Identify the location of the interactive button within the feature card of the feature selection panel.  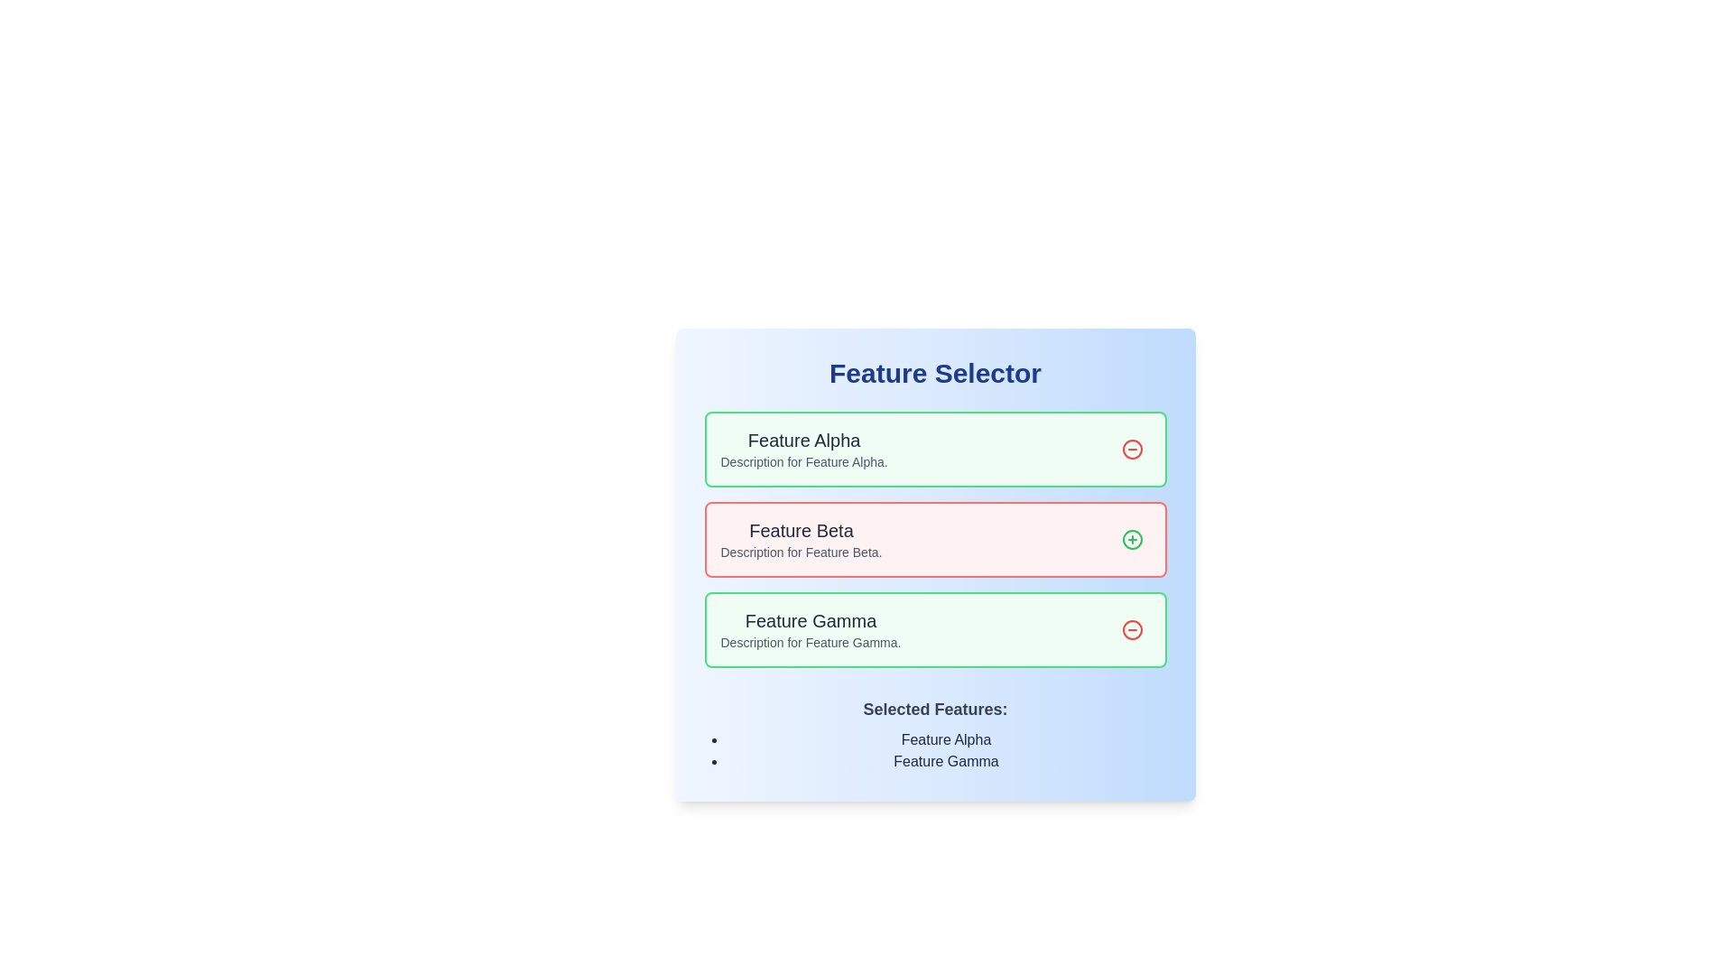
(935, 563).